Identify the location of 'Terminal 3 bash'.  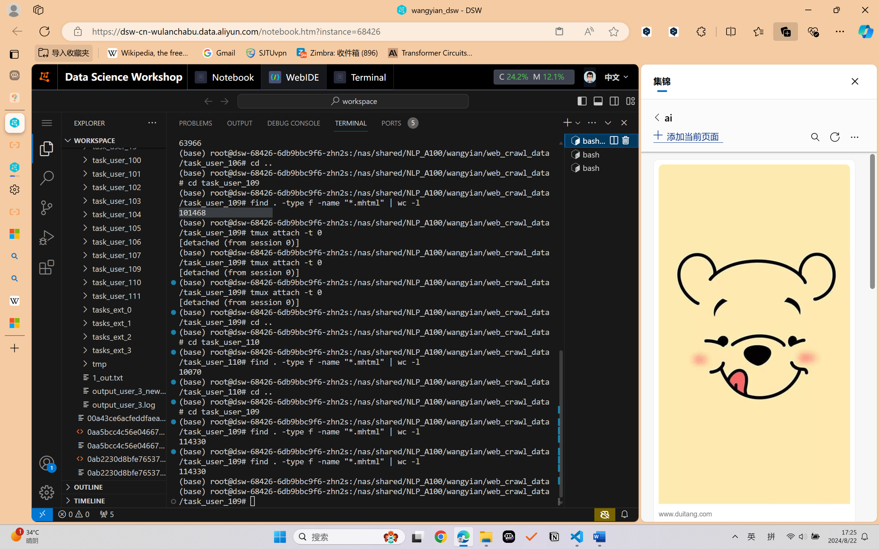
(600, 167).